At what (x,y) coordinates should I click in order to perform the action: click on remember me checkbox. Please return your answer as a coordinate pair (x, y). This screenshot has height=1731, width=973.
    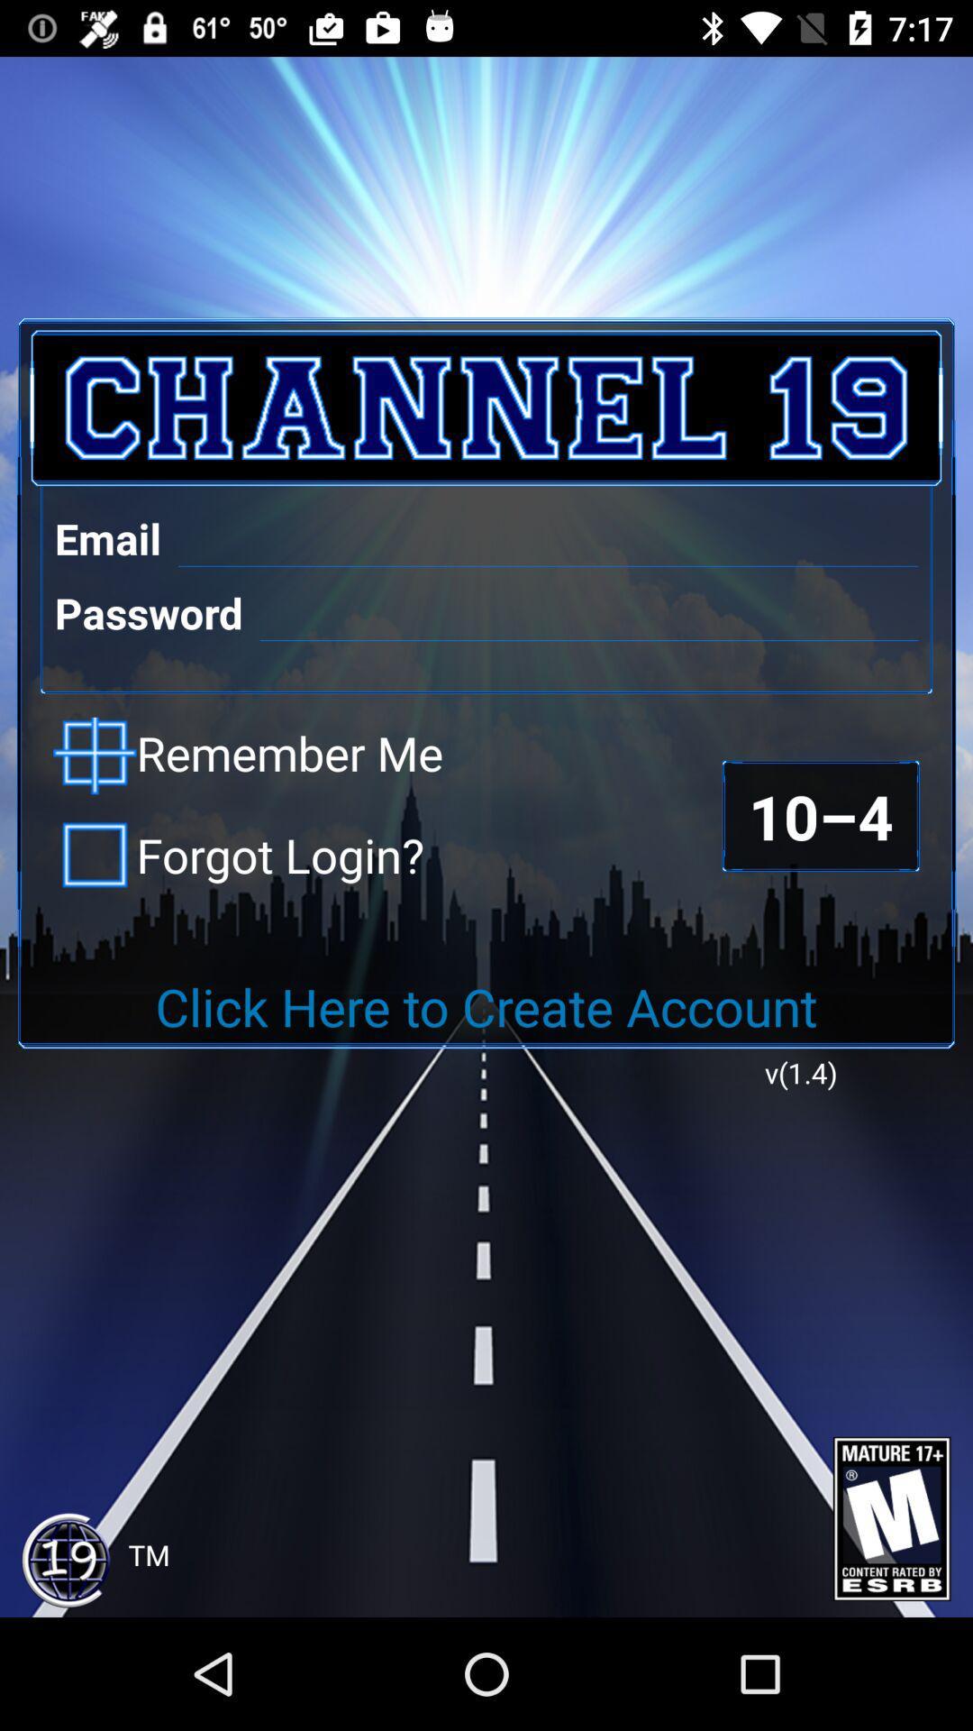
    Looking at the image, I should click on (248, 756).